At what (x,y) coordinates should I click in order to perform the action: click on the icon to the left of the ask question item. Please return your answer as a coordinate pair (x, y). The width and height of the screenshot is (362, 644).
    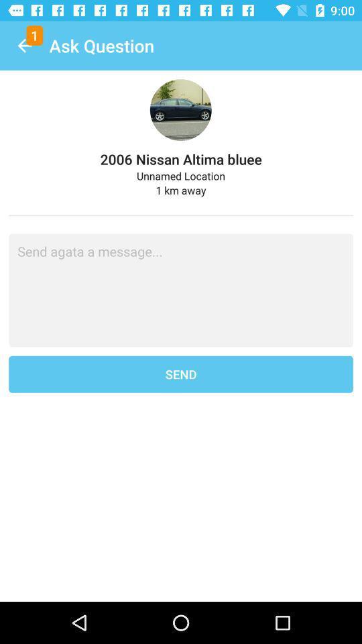
    Looking at the image, I should click on (24, 46).